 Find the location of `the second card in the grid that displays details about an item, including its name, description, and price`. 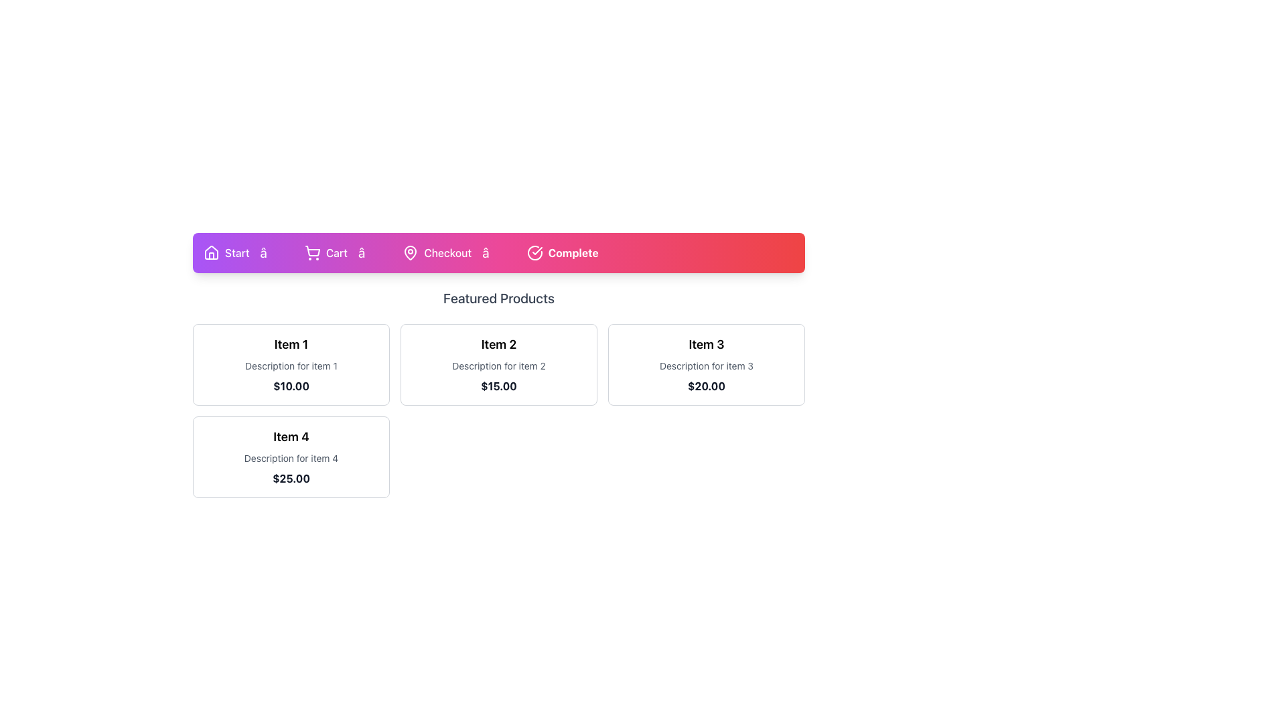

the second card in the grid that displays details about an item, including its name, description, and price is located at coordinates (498, 364).